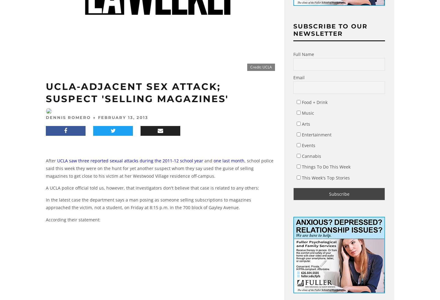  What do you see at coordinates (203, 160) in the screenshot?
I see `'and'` at bounding box center [203, 160].